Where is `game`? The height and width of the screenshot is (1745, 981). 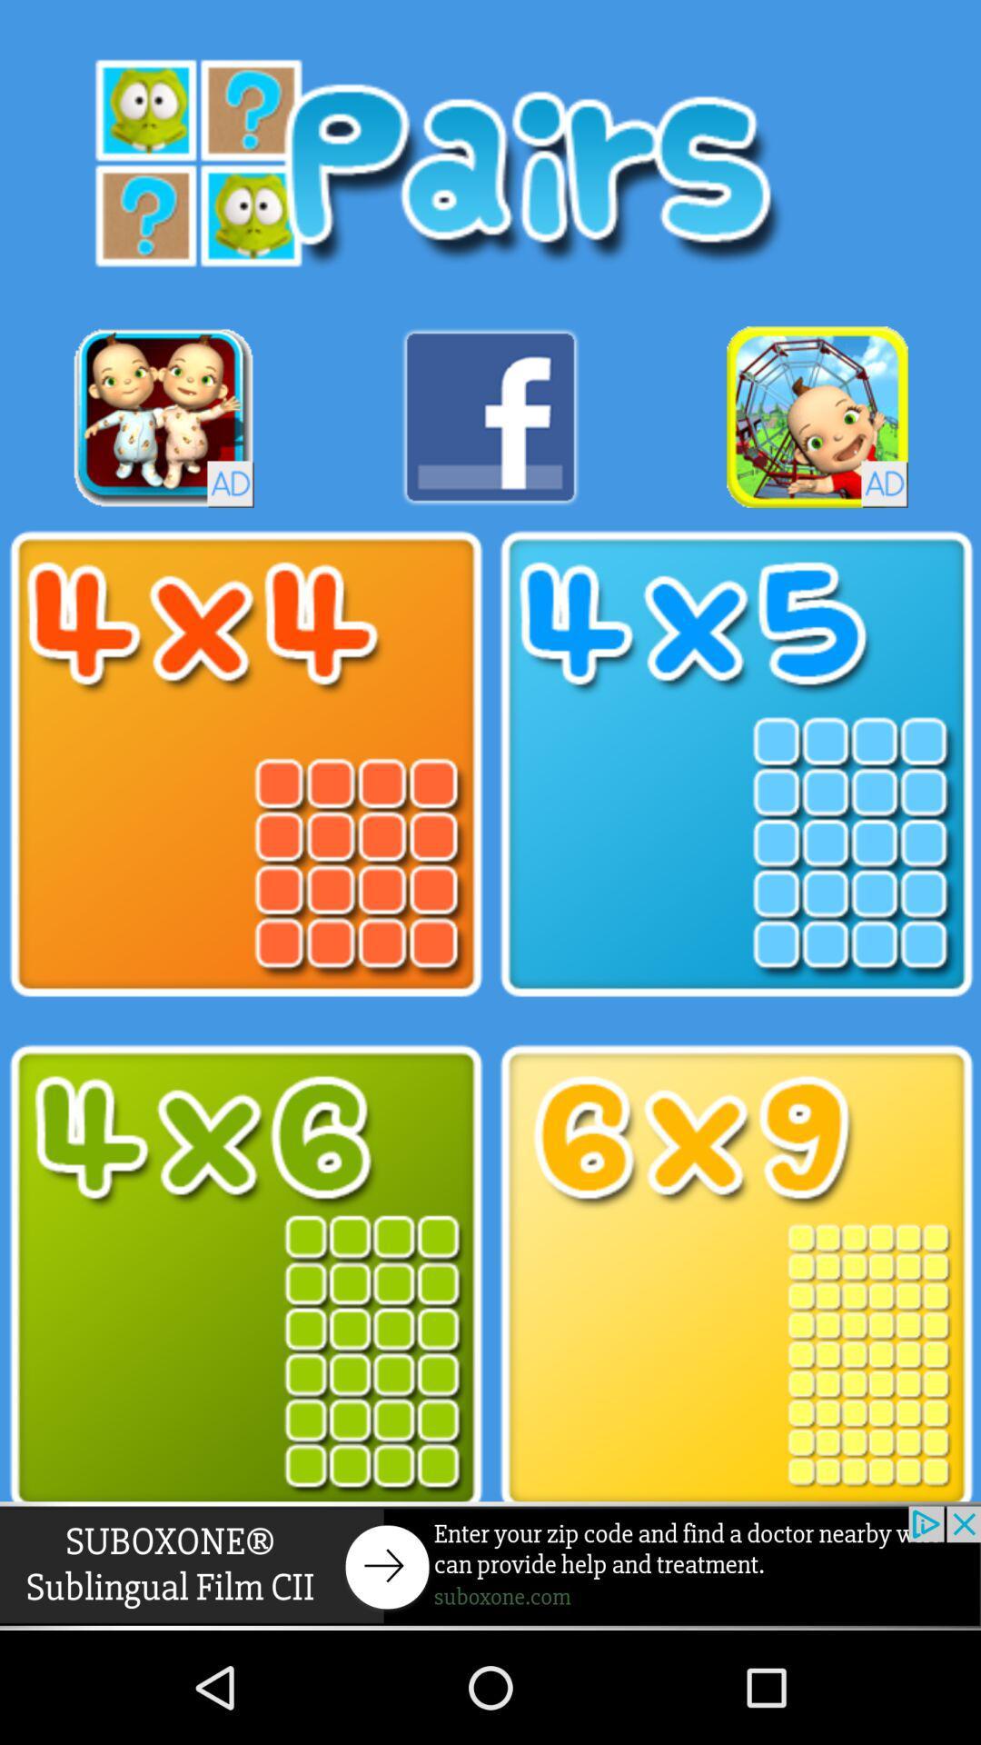 game is located at coordinates (163, 416).